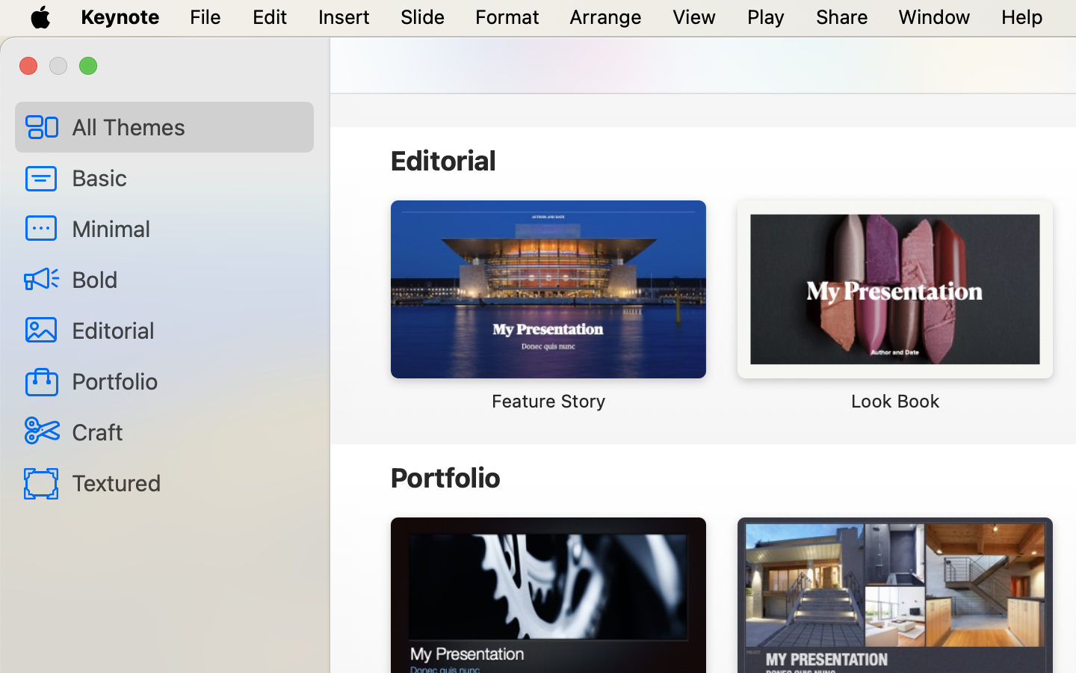 The height and width of the screenshot is (673, 1076). Describe the element at coordinates (185, 431) in the screenshot. I see `'Craft'` at that location.